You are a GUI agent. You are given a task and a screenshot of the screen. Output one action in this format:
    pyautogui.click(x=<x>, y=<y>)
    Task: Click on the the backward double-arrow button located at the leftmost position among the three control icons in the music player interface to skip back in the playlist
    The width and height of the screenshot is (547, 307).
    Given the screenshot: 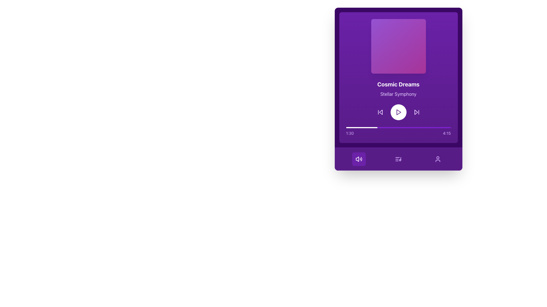 What is the action you would take?
    pyautogui.click(x=380, y=112)
    